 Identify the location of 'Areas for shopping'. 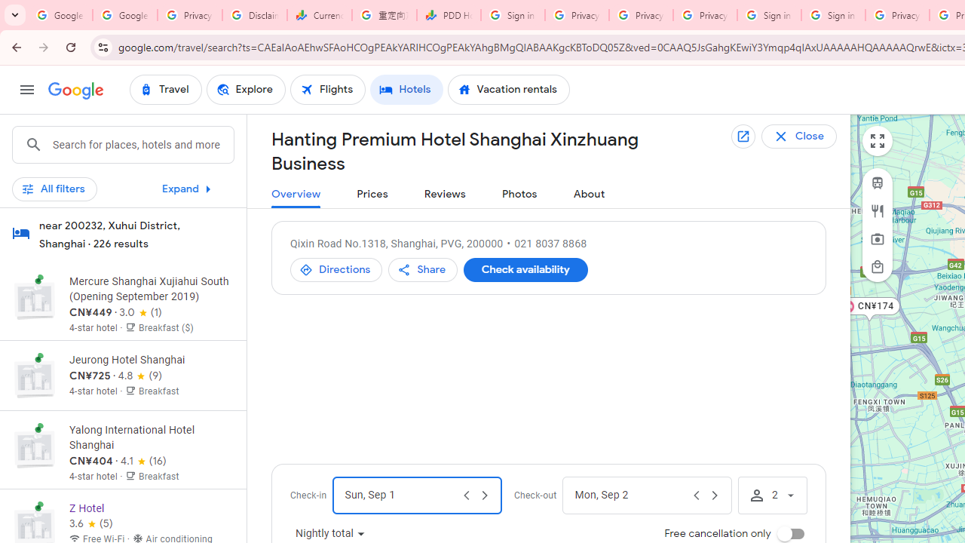
(878, 265).